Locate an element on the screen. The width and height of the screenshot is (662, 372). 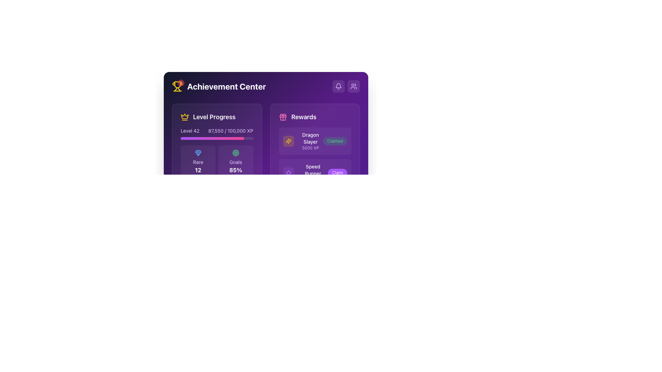
text content of the Informational component displaying the earned reward 'Dragon Slayer' with 5000 XP, located under the 'Rewards' heading on the right side of the interface is located at coordinates (303, 141).